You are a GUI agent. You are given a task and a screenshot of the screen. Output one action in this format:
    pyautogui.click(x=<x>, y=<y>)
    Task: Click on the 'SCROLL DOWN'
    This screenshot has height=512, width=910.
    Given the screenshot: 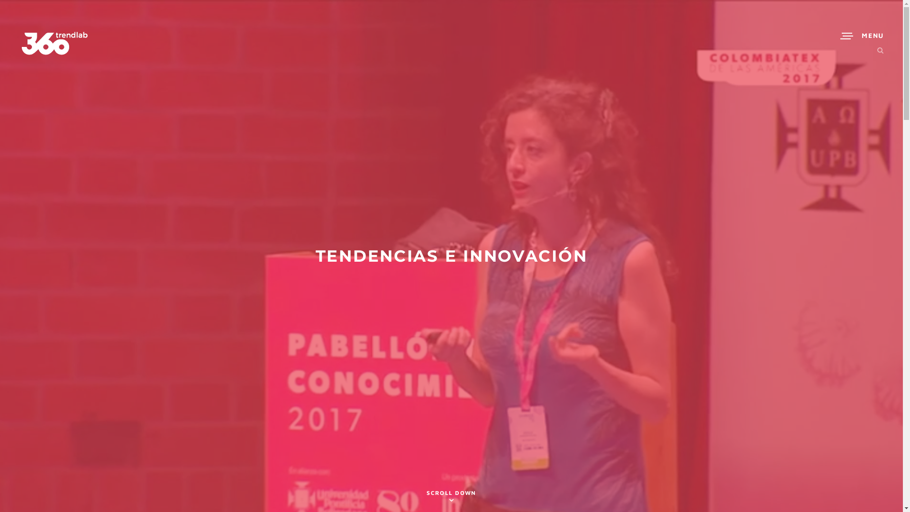 What is the action you would take?
    pyautogui.click(x=450, y=493)
    